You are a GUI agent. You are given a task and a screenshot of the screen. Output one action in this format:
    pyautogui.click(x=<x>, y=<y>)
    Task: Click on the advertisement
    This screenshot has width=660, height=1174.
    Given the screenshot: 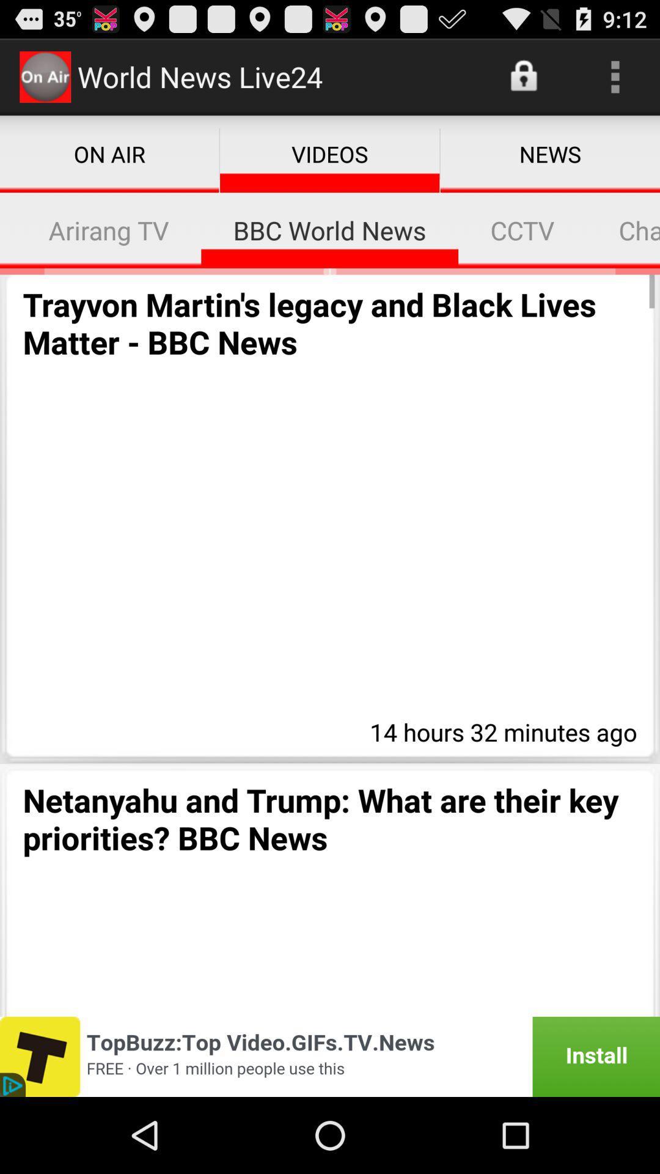 What is the action you would take?
    pyautogui.click(x=330, y=1056)
    